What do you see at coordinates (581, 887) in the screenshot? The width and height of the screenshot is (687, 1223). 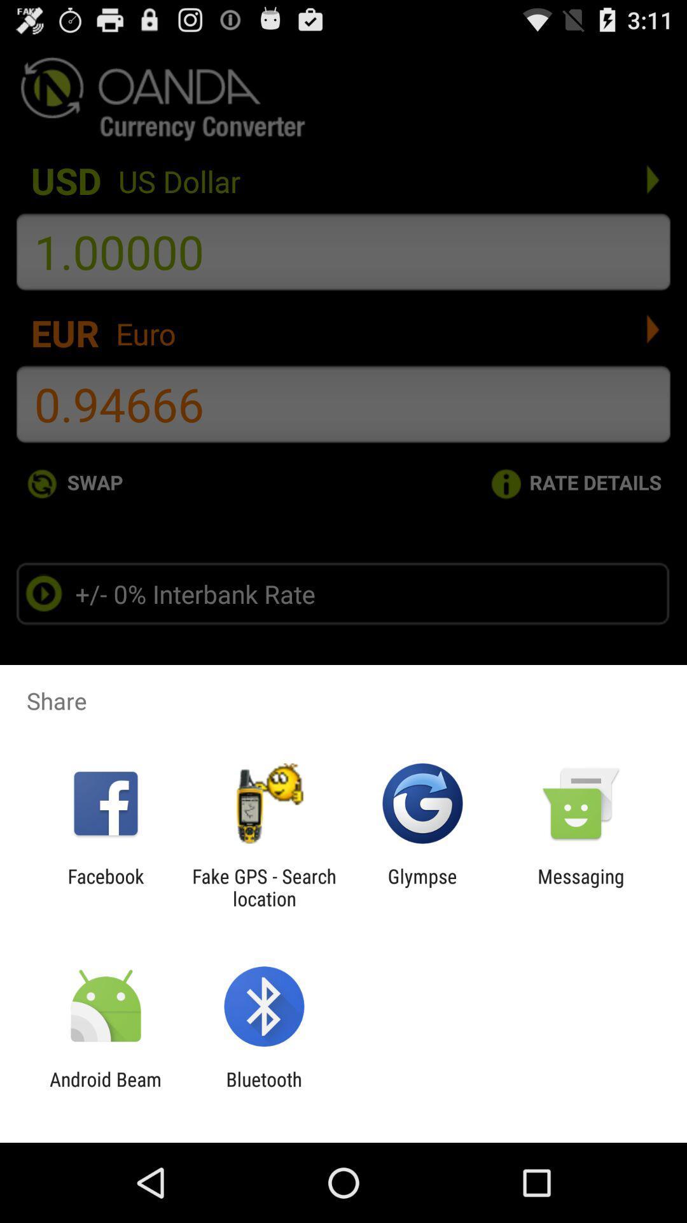 I see `the messaging app` at bounding box center [581, 887].